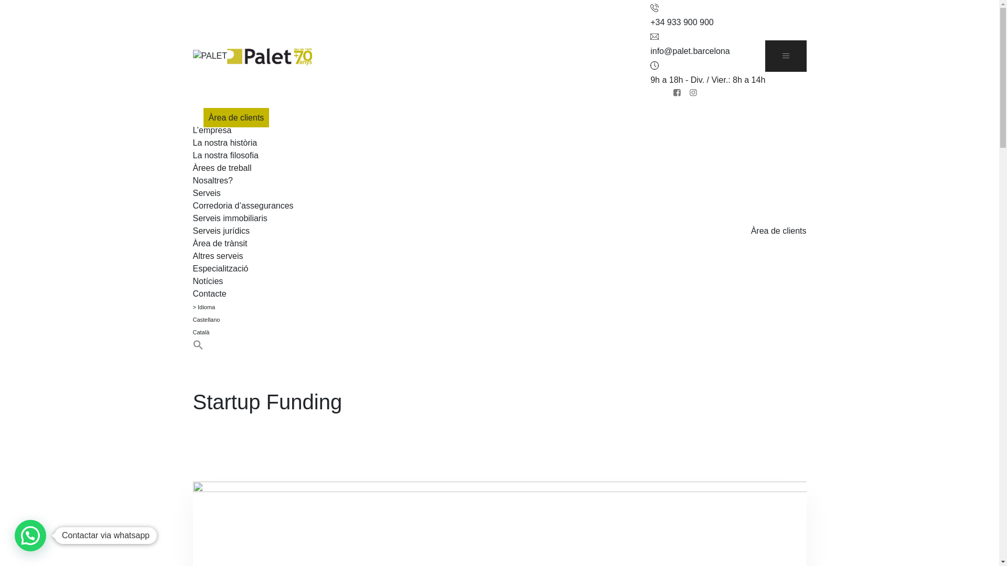 The width and height of the screenshot is (1007, 566). What do you see at coordinates (270, 56) in the screenshot?
I see `'PALET'` at bounding box center [270, 56].